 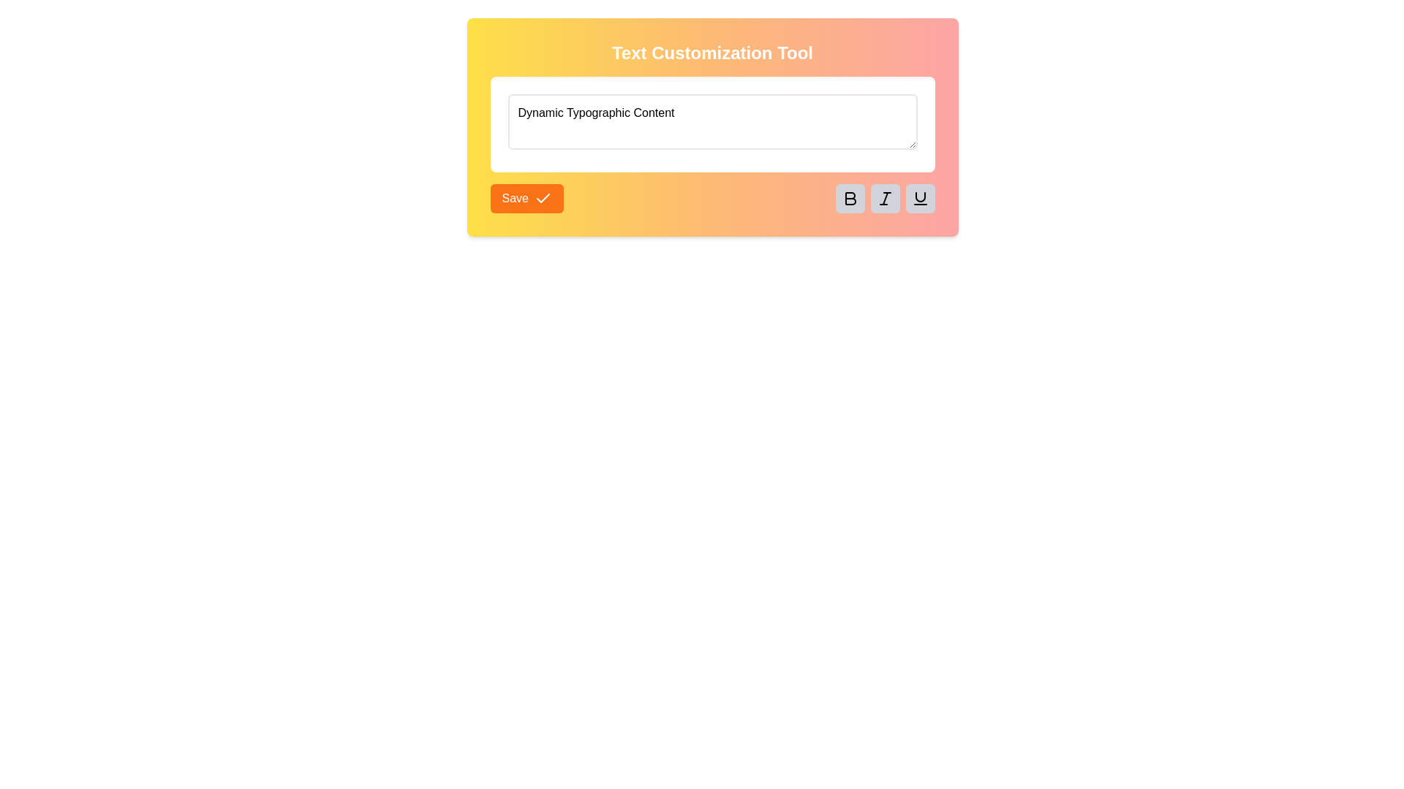 I want to click on the italicized 'I' icon button, which is styled in a minimalist outline design and is located within a gray rounded rectangle, so click(x=884, y=199).